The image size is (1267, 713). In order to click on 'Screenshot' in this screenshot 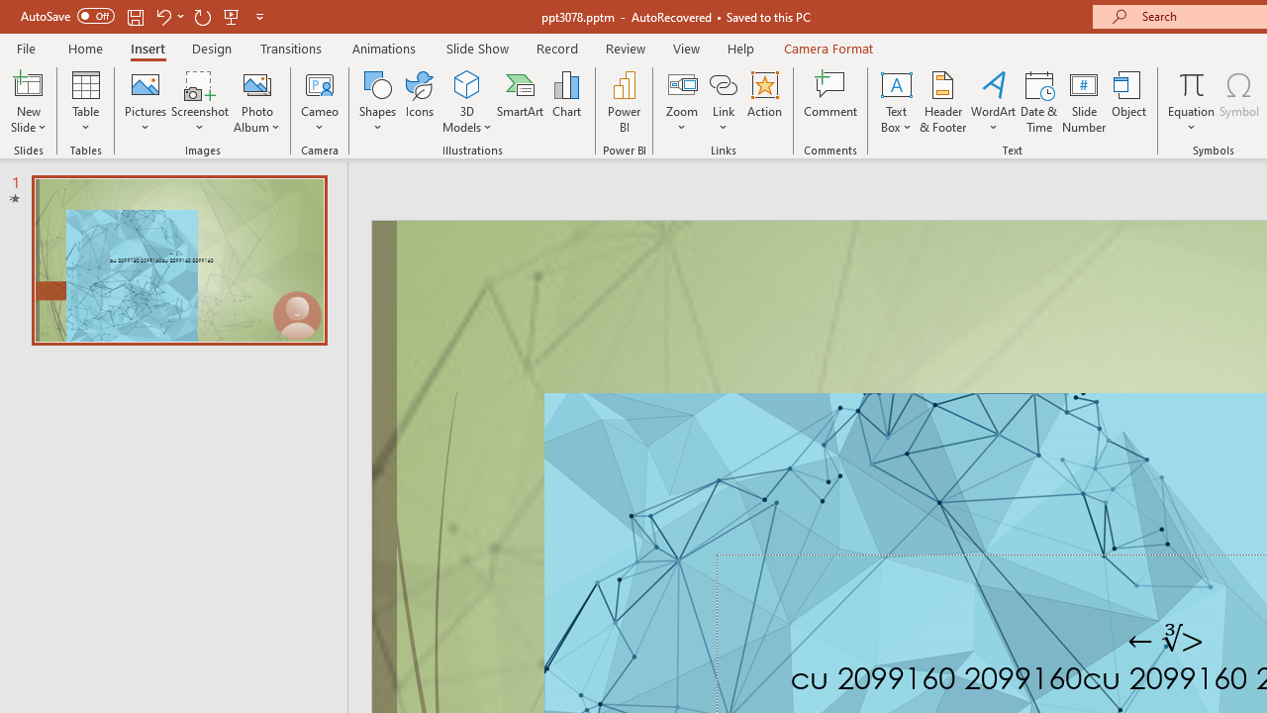, I will do `click(200, 102)`.